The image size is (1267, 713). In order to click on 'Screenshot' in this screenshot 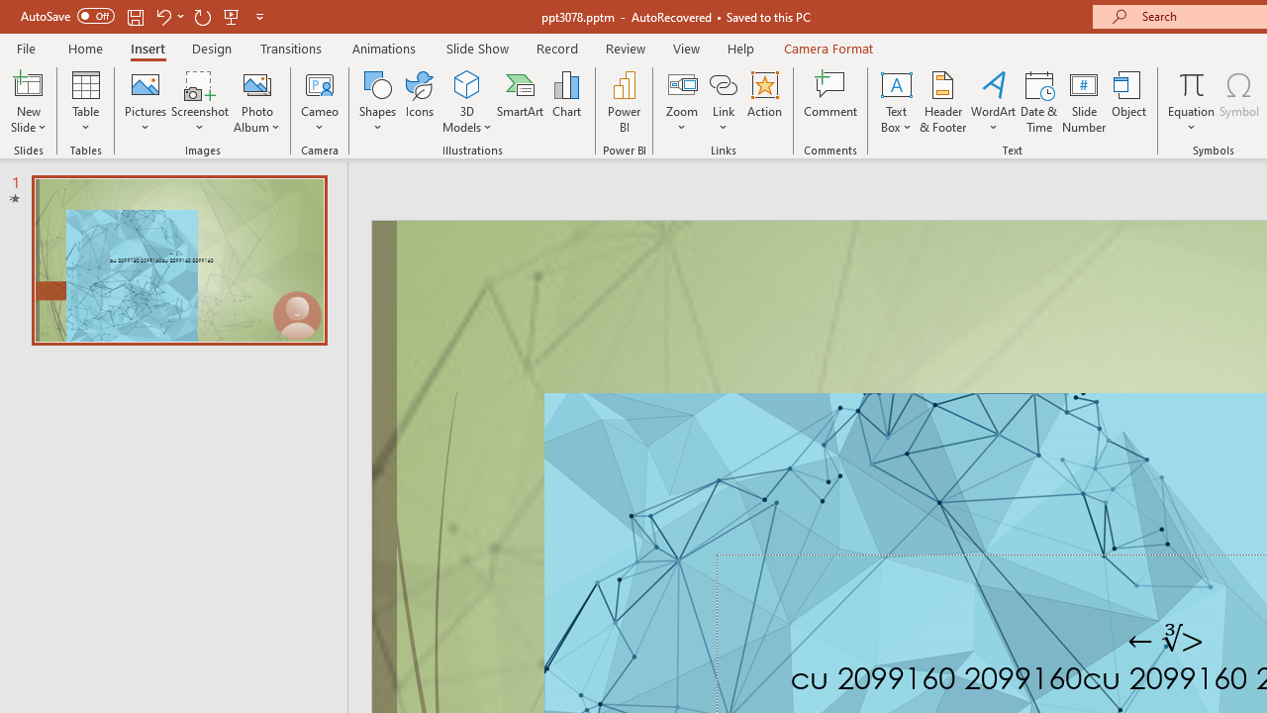, I will do `click(200, 102)`.